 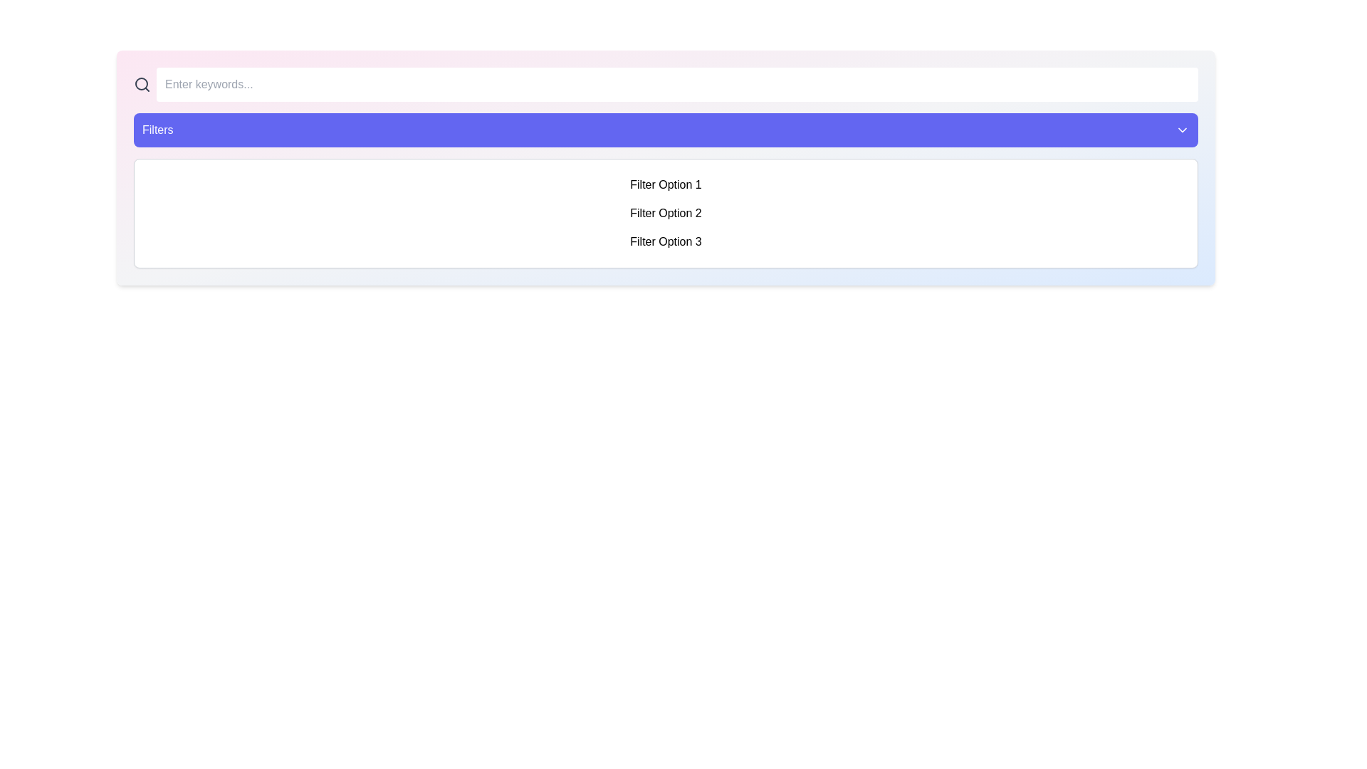 I want to click on the third selectable list item labeled 'Filter Option 3', so click(x=665, y=241).